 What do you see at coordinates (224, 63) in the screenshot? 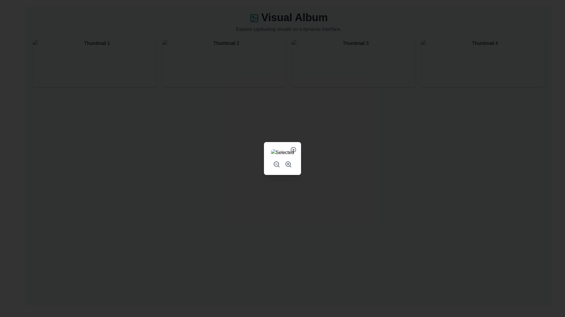
I see `the Clickable Thumbnail Interface Component labeled 'Thumbnail 2' to trigger the scale-up animation` at bounding box center [224, 63].